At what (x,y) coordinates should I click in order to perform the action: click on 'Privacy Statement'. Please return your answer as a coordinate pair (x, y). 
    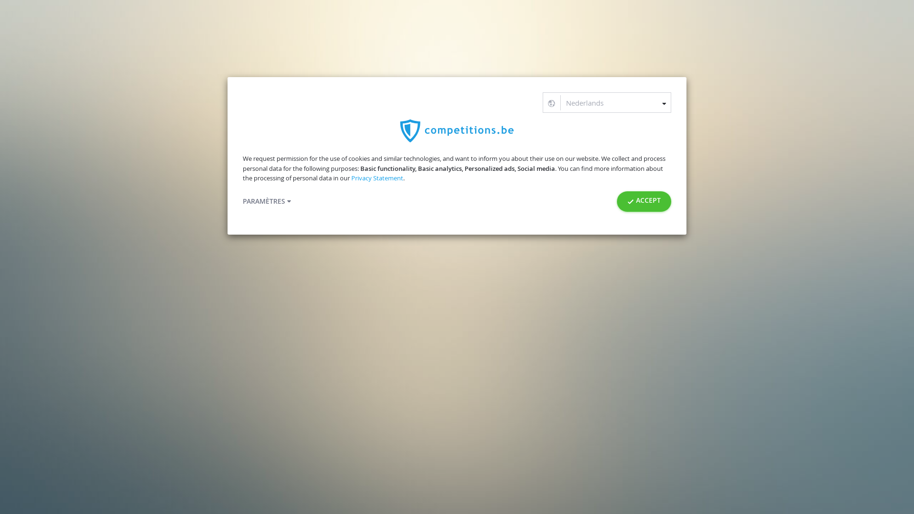
    Looking at the image, I should click on (377, 178).